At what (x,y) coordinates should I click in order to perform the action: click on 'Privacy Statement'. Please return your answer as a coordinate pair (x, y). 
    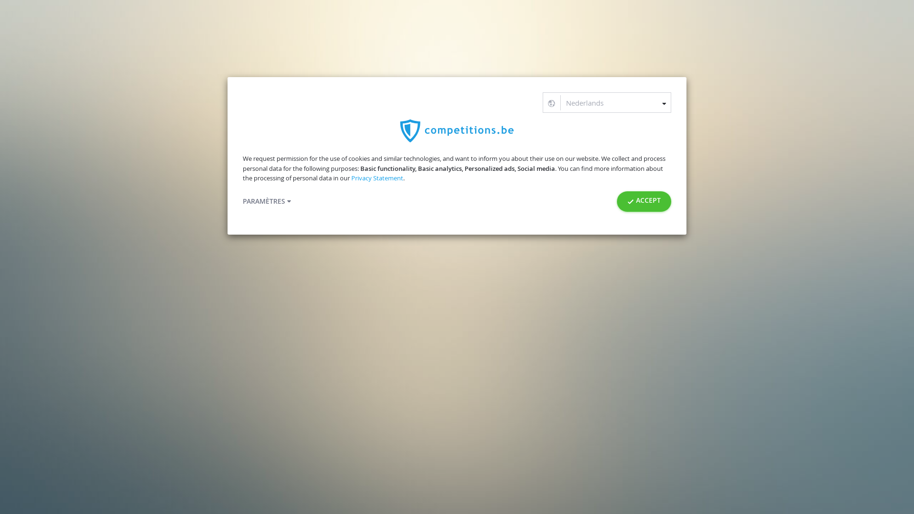
    Looking at the image, I should click on (377, 178).